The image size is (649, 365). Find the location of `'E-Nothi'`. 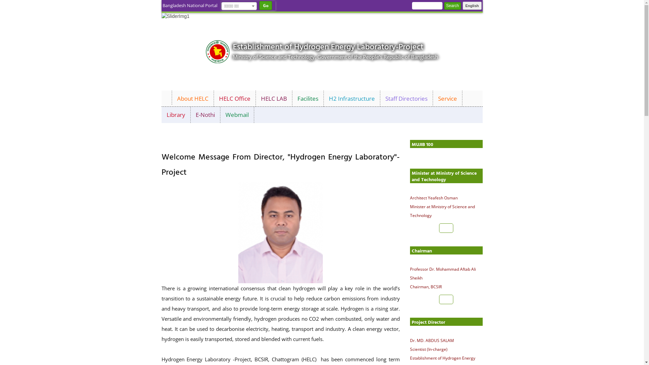

'E-Nothi' is located at coordinates (205, 114).